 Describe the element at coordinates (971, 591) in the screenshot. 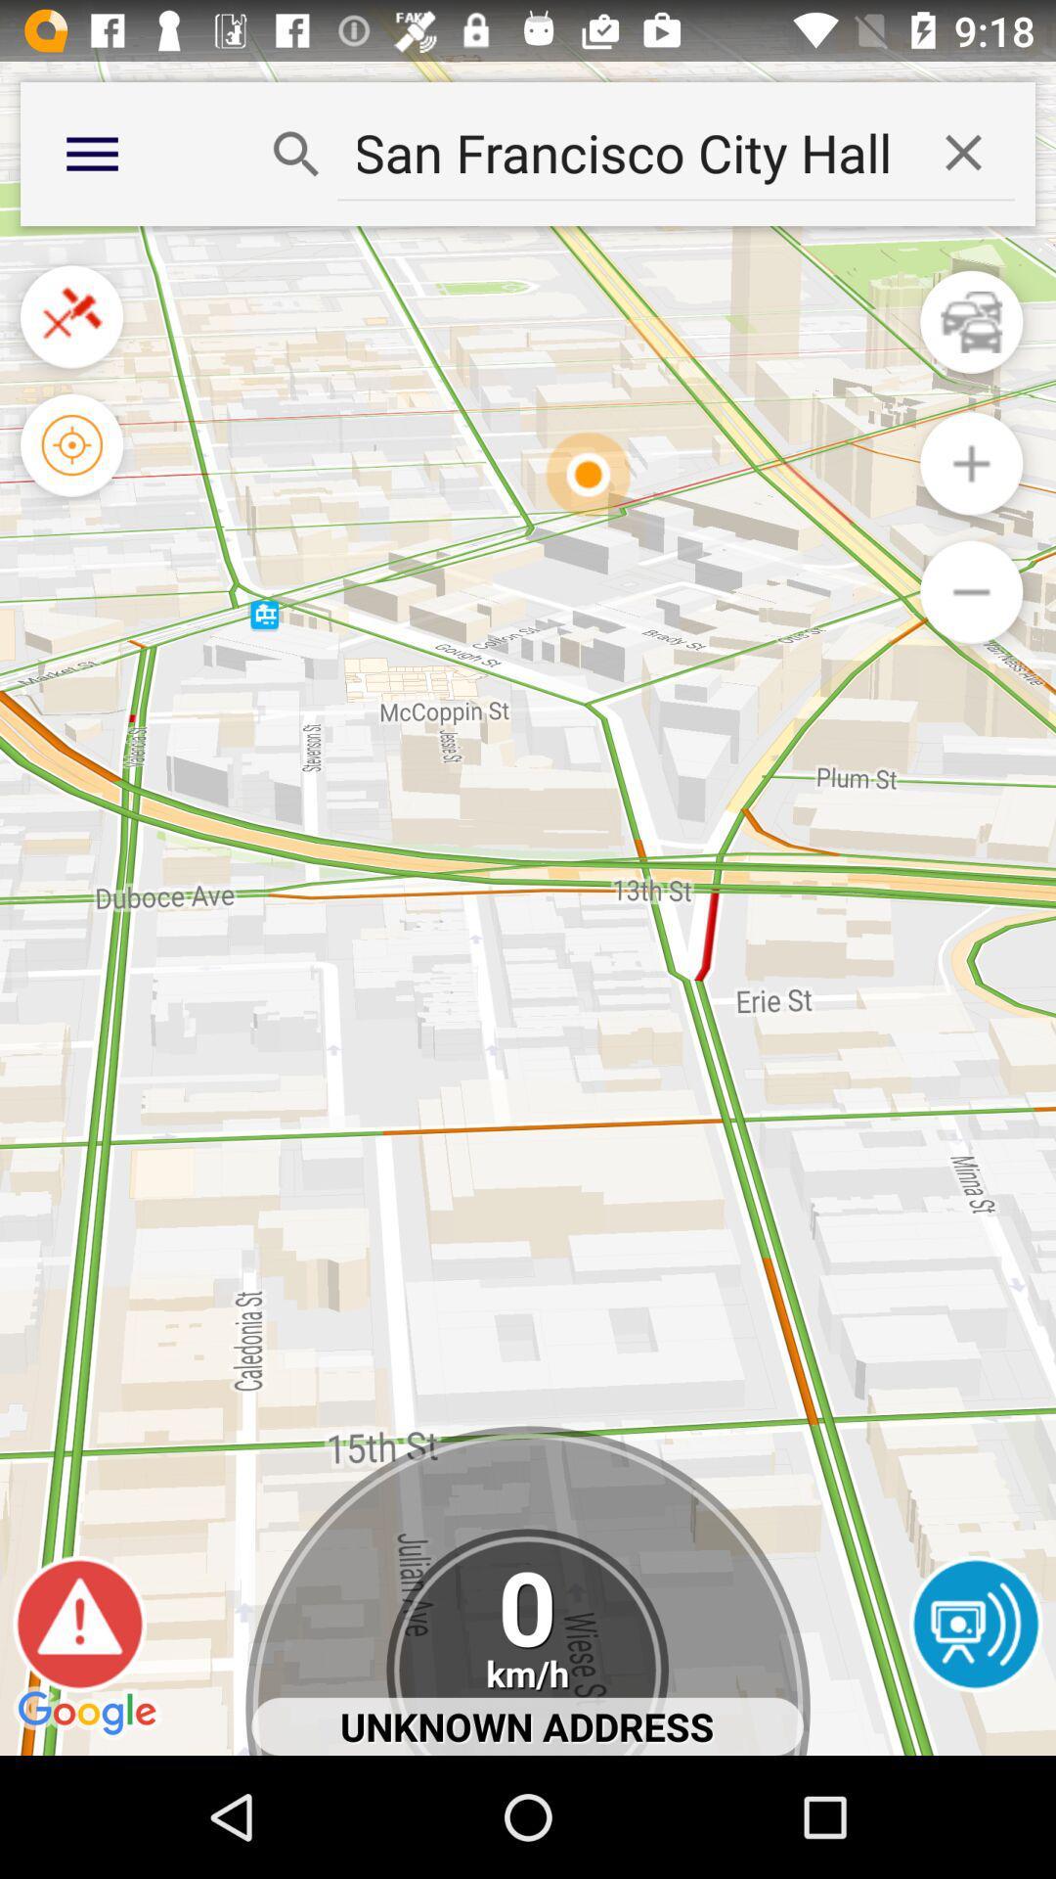

I see `the  button below` at that location.